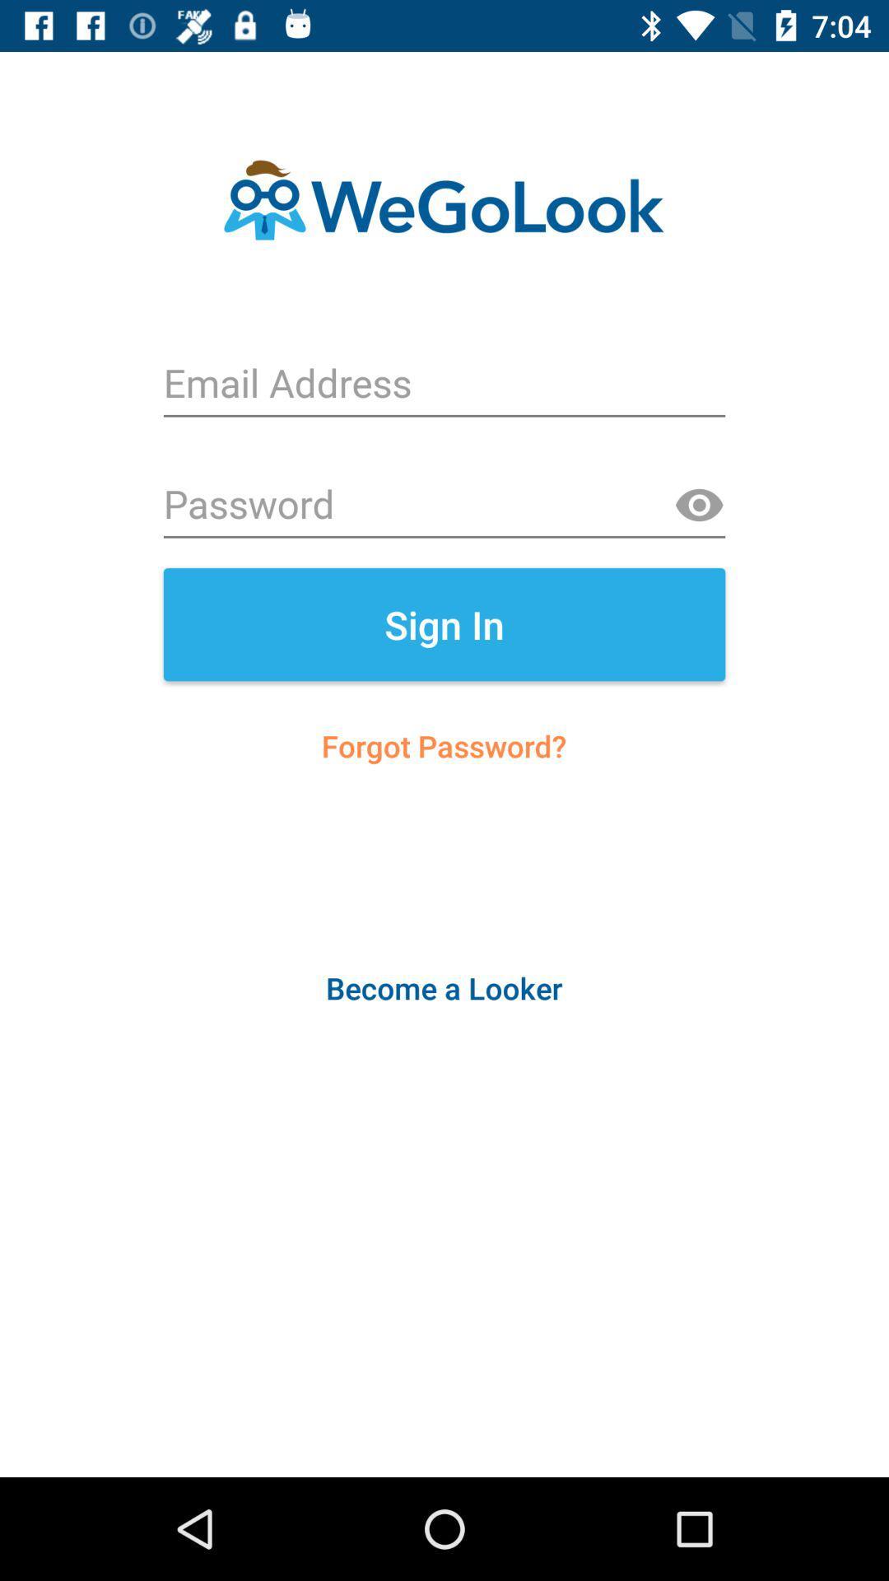 Image resolution: width=889 pixels, height=1581 pixels. What do you see at coordinates (443, 988) in the screenshot?
I see `become a looker` at bounding box center [443, 988].